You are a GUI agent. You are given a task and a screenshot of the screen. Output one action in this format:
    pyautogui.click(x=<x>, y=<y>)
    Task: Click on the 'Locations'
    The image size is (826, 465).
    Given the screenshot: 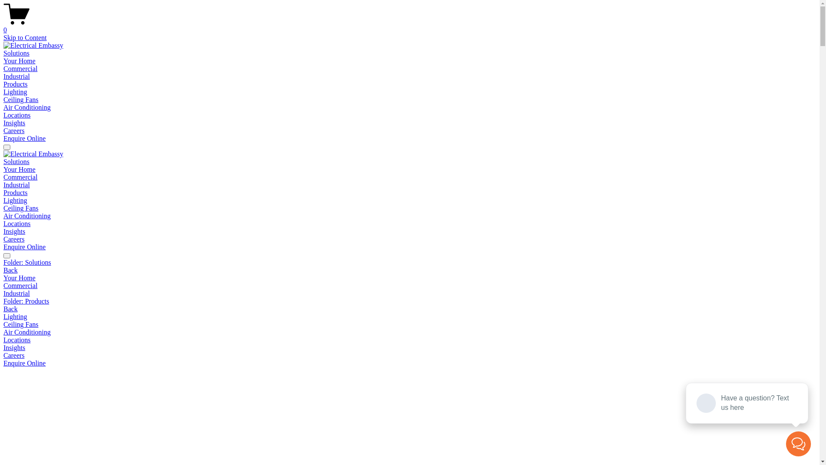 What is the action you would take?
    pyautogui.click(x=17, y=223)
    